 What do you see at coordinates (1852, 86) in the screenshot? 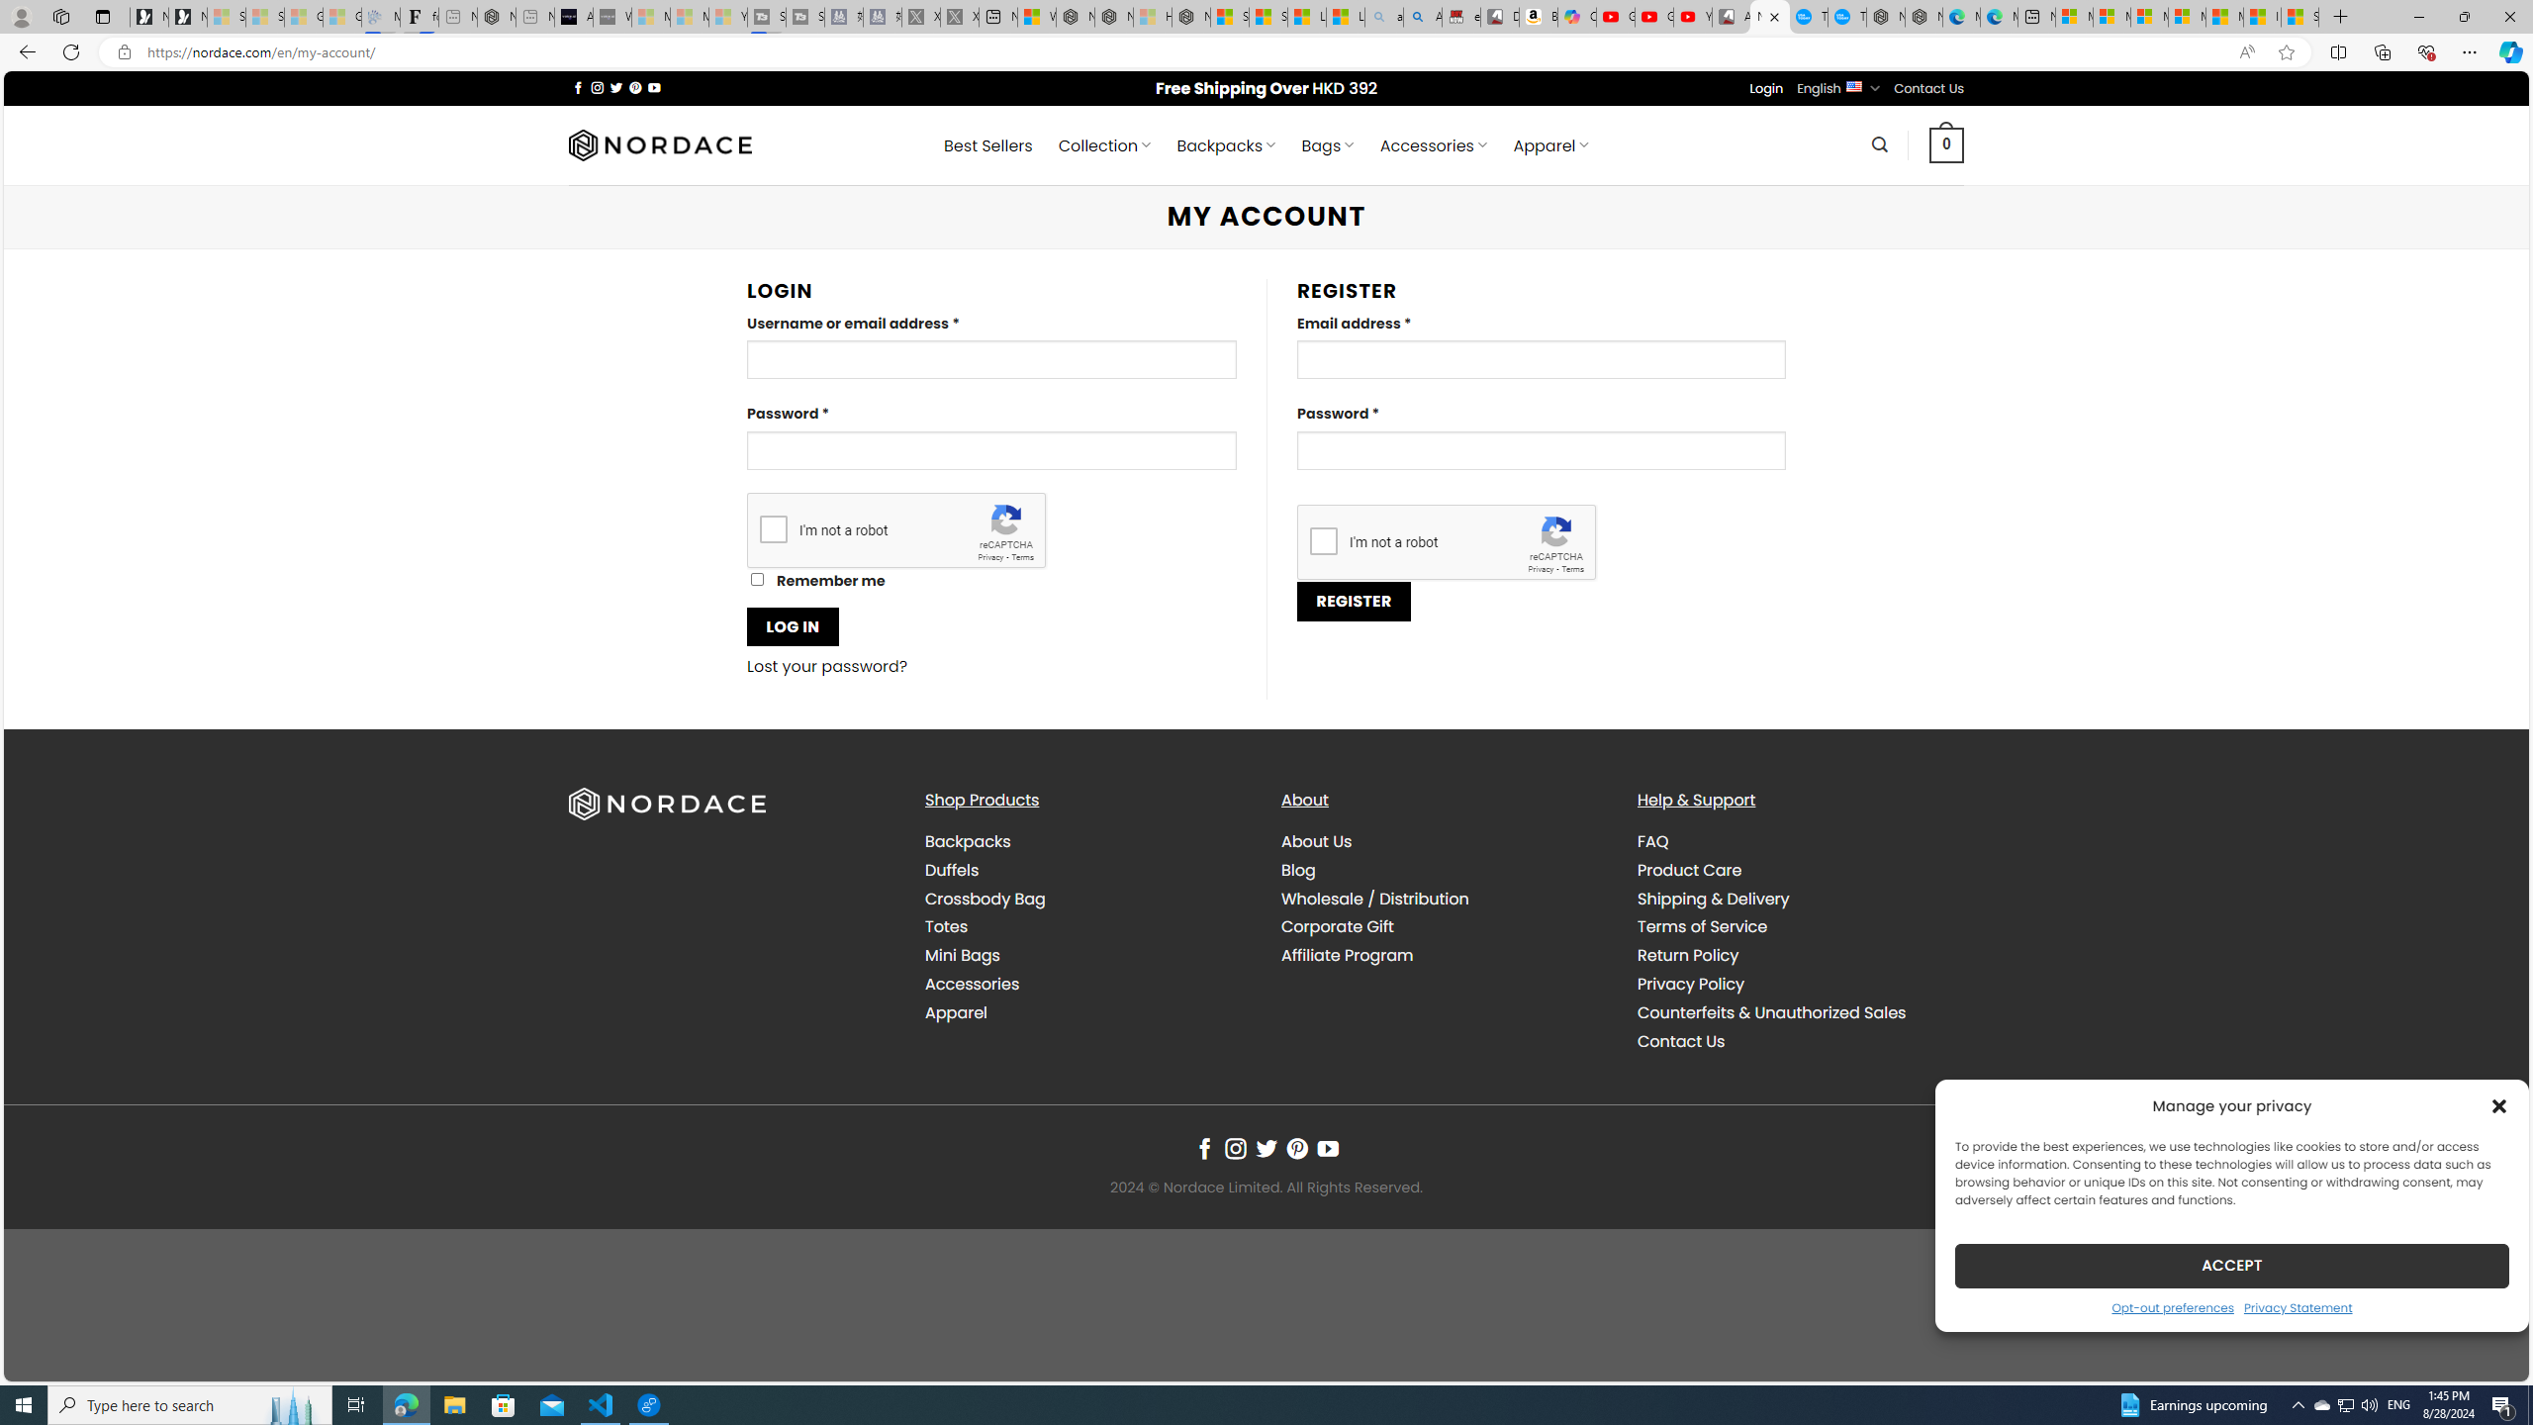
I see `'English'` at bounding box center [1852, 86].